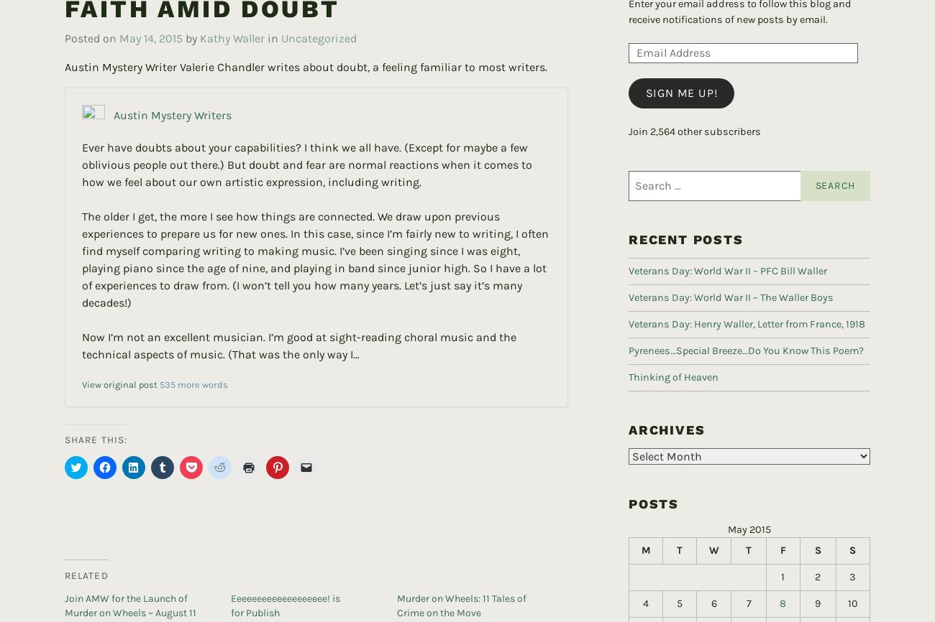 The height and width of the screenshot is (622, 935). Describe the element at coordinates (232, 15) in the screenshot. I see `'Kathy Waller'` at that location.